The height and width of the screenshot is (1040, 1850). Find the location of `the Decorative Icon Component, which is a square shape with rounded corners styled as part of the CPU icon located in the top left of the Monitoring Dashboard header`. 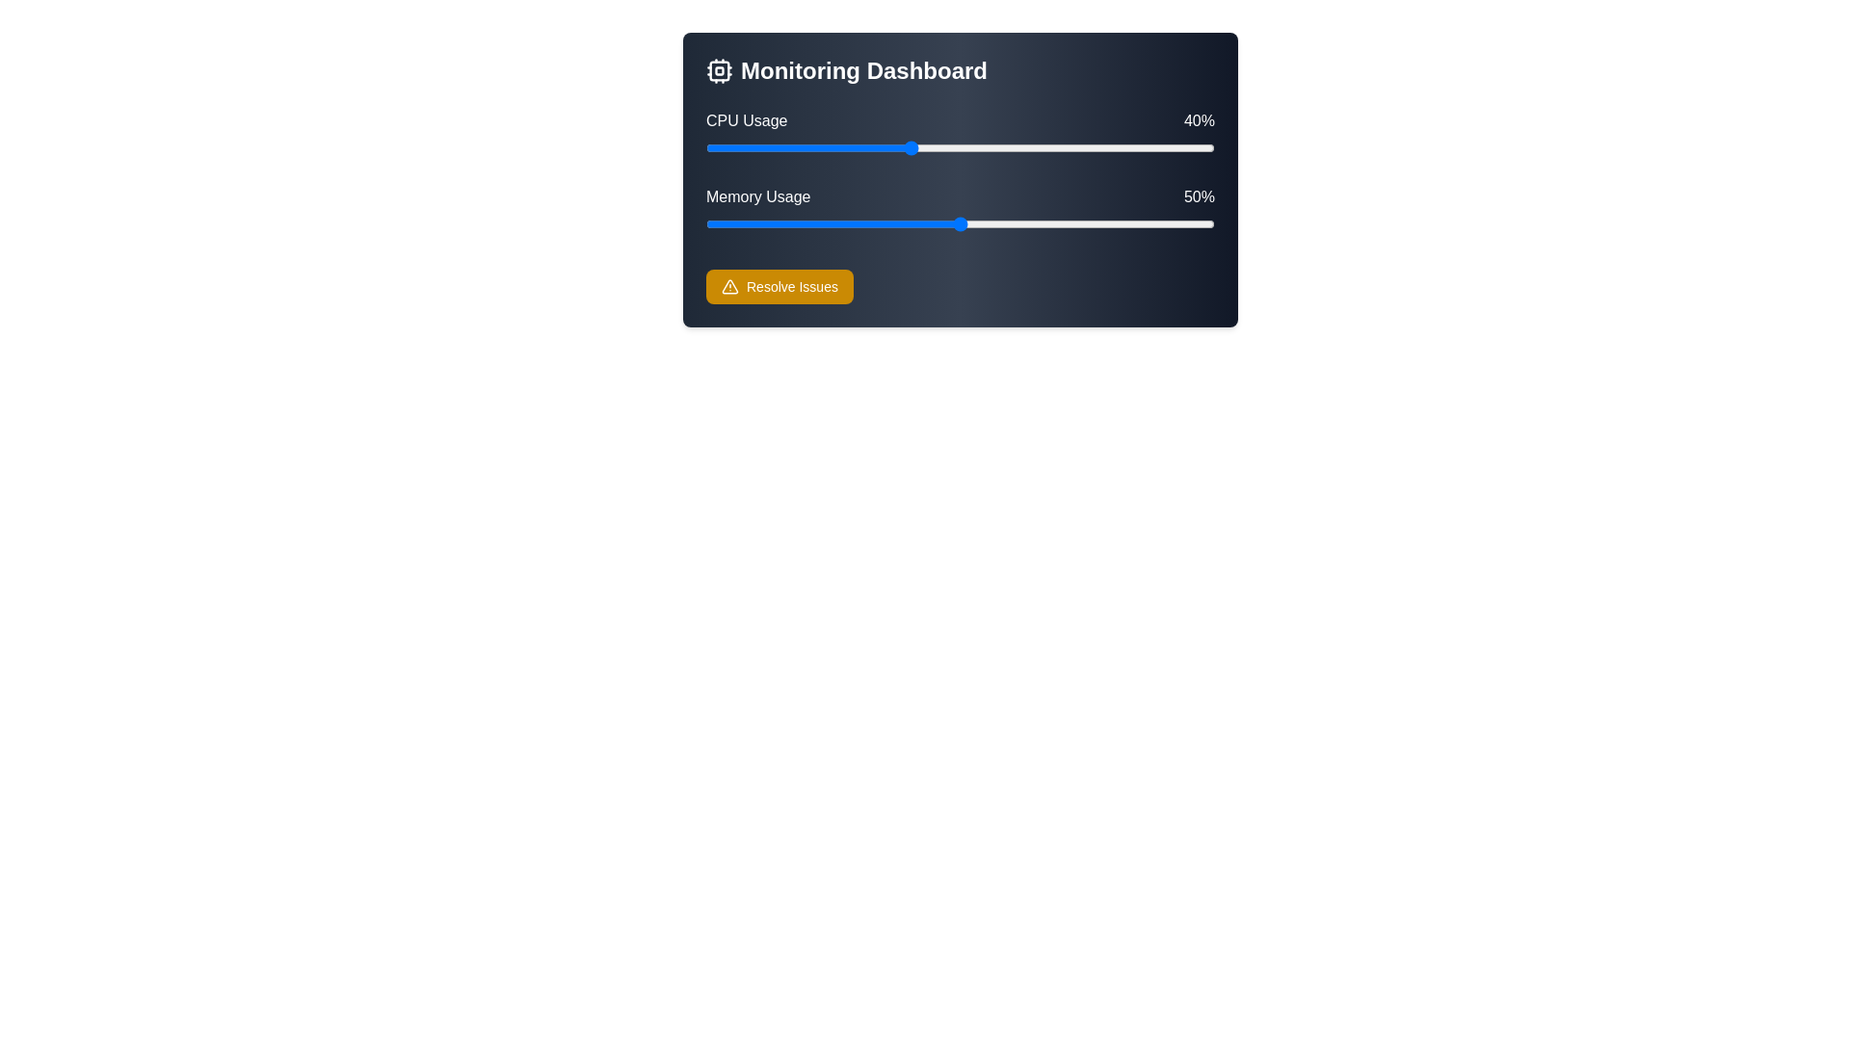

the Decorative Icon Component, which is a square shape with rounded corners styled as part of the CPU icon located in the top left of the Monitoring Dashboard header is located at coordinates (719, 69).